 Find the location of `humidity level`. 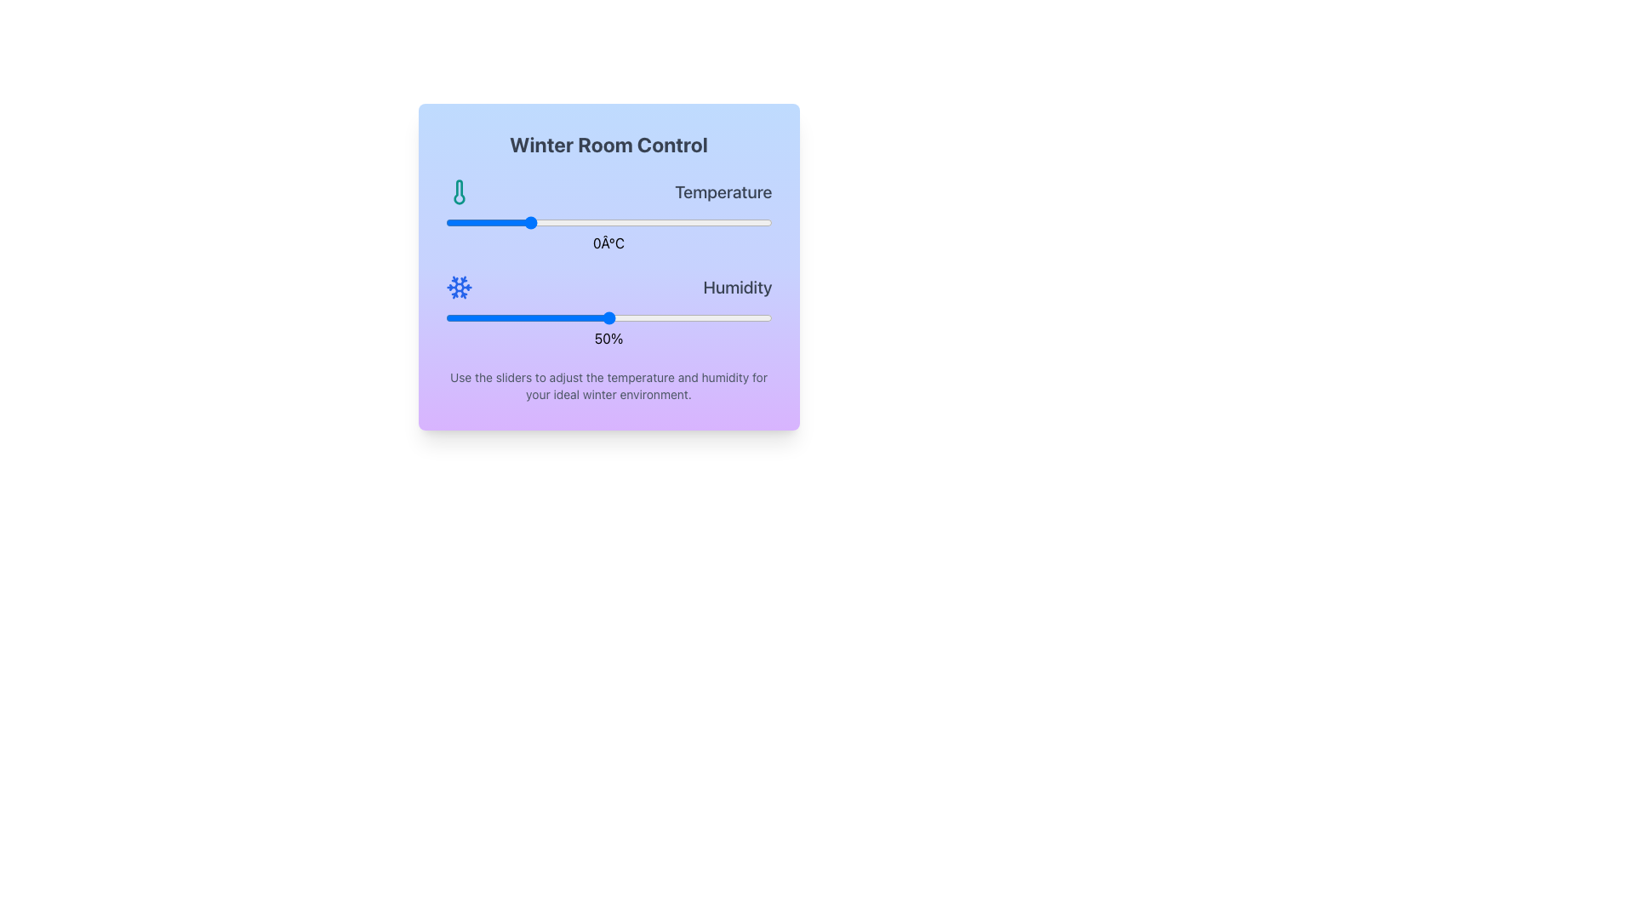

humidity level is located at coordinates (640, 318).